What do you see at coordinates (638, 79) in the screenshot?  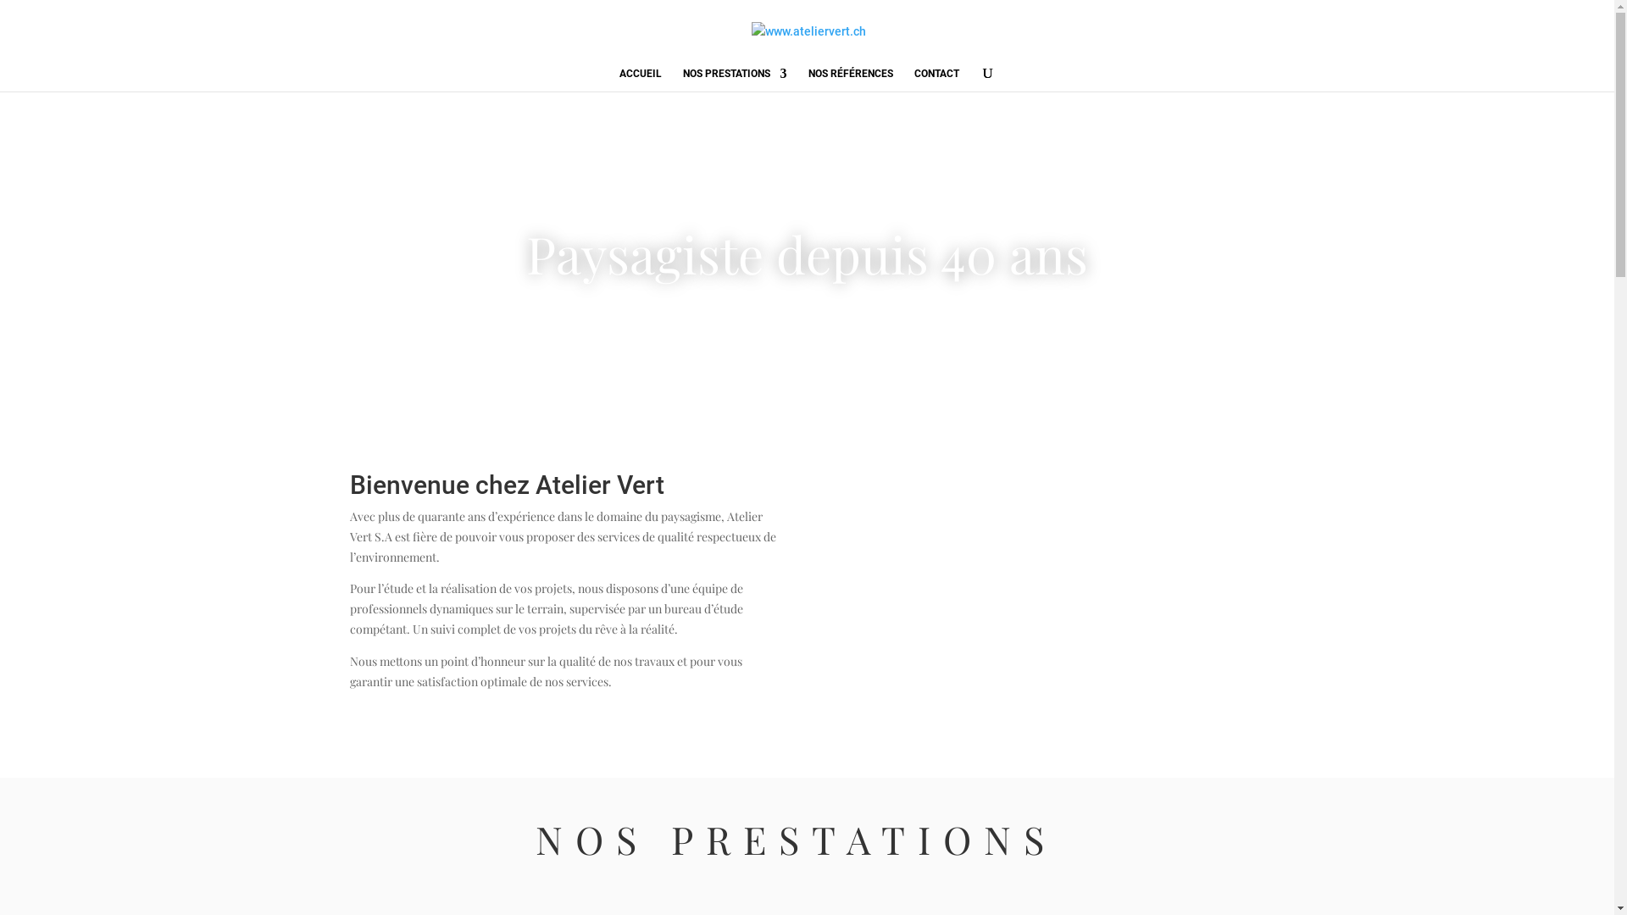 I see `'ACCUEIL'` at bounding box center [638, 79].